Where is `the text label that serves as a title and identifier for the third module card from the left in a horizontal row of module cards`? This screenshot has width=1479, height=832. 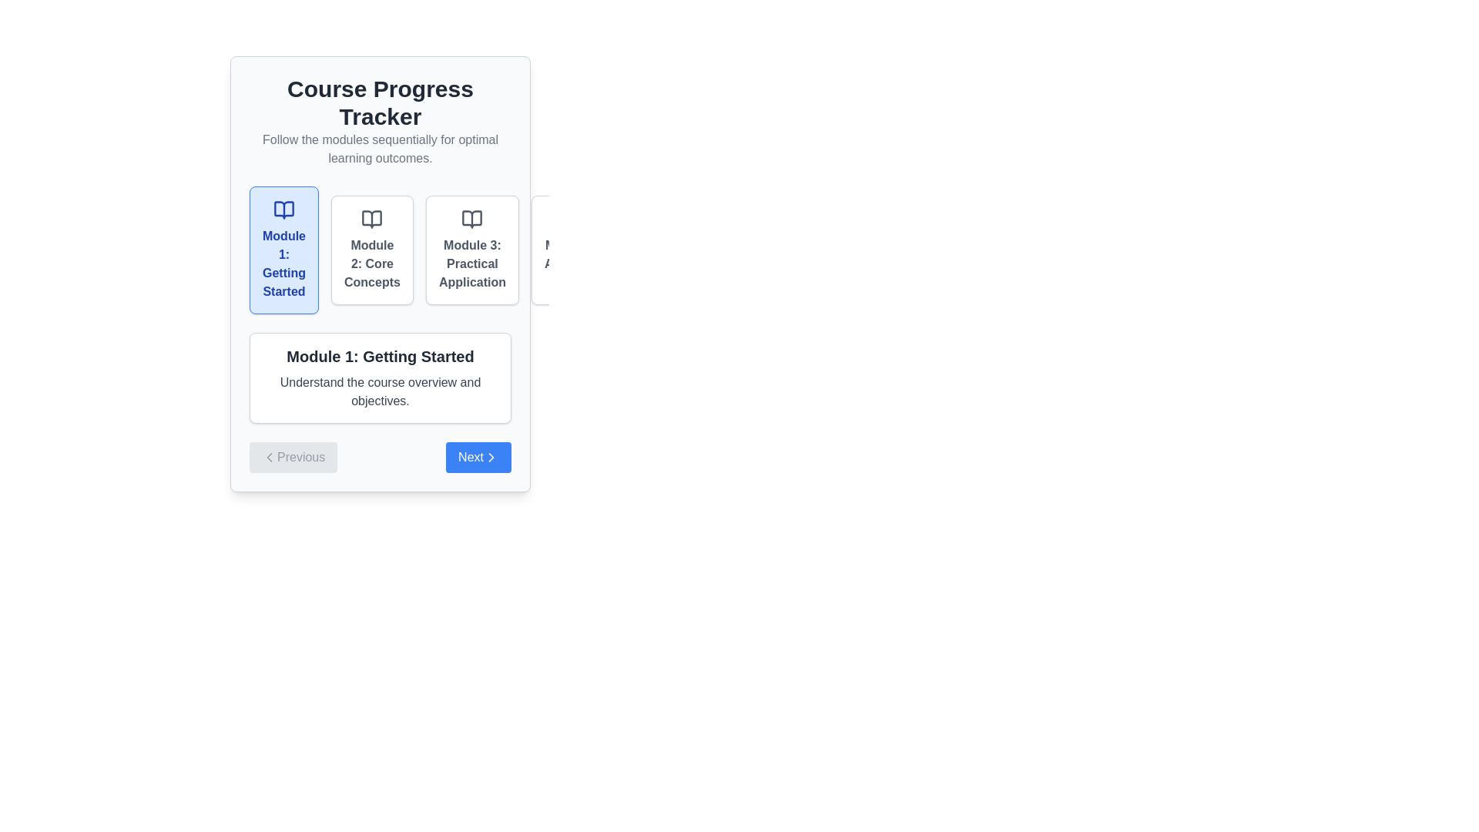
the text label that serves as a title and identifier for the third module card from the left in a horizontal row of module cards is located at coordinates (471, 263).